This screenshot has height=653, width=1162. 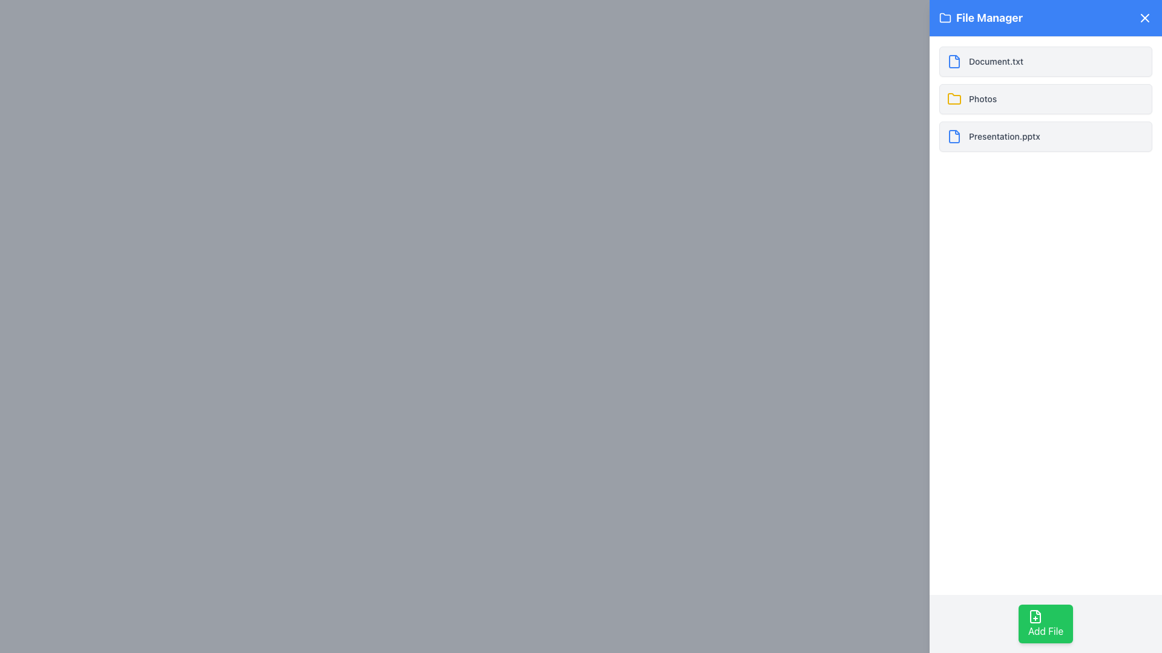 What do you see at coordinates (1144, 18) in the screenshot?
I see `the close button located in the upper-right corner of the 'File Manager' interface header bar` at bounding box center [1144, 18].